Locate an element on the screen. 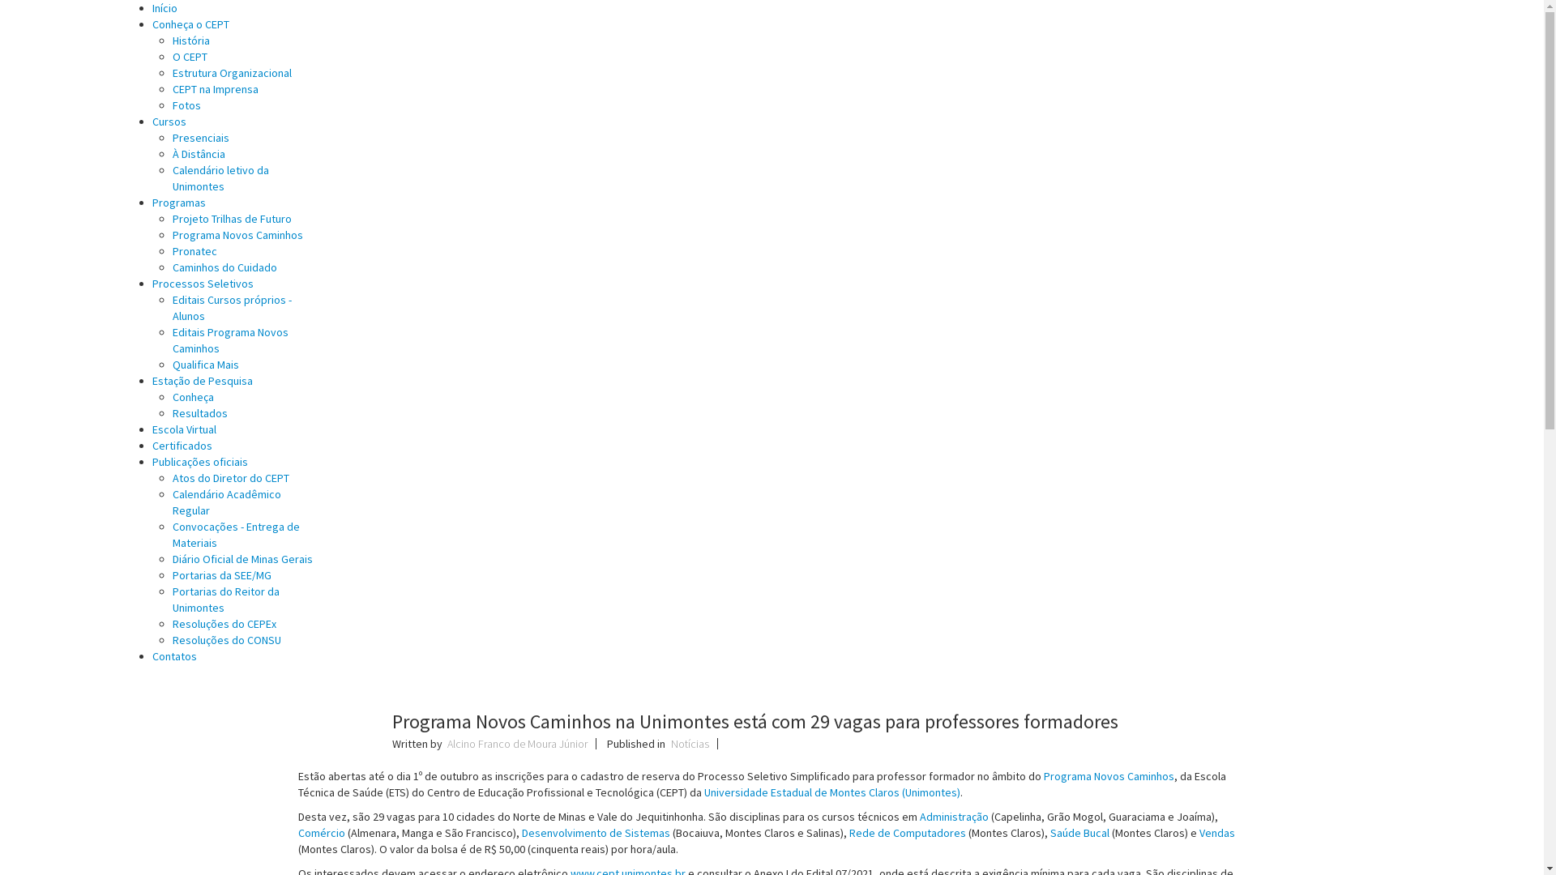  'Universidade Estadual de Montes Claros (Unimontes)' is located at coordinates (831, 792).